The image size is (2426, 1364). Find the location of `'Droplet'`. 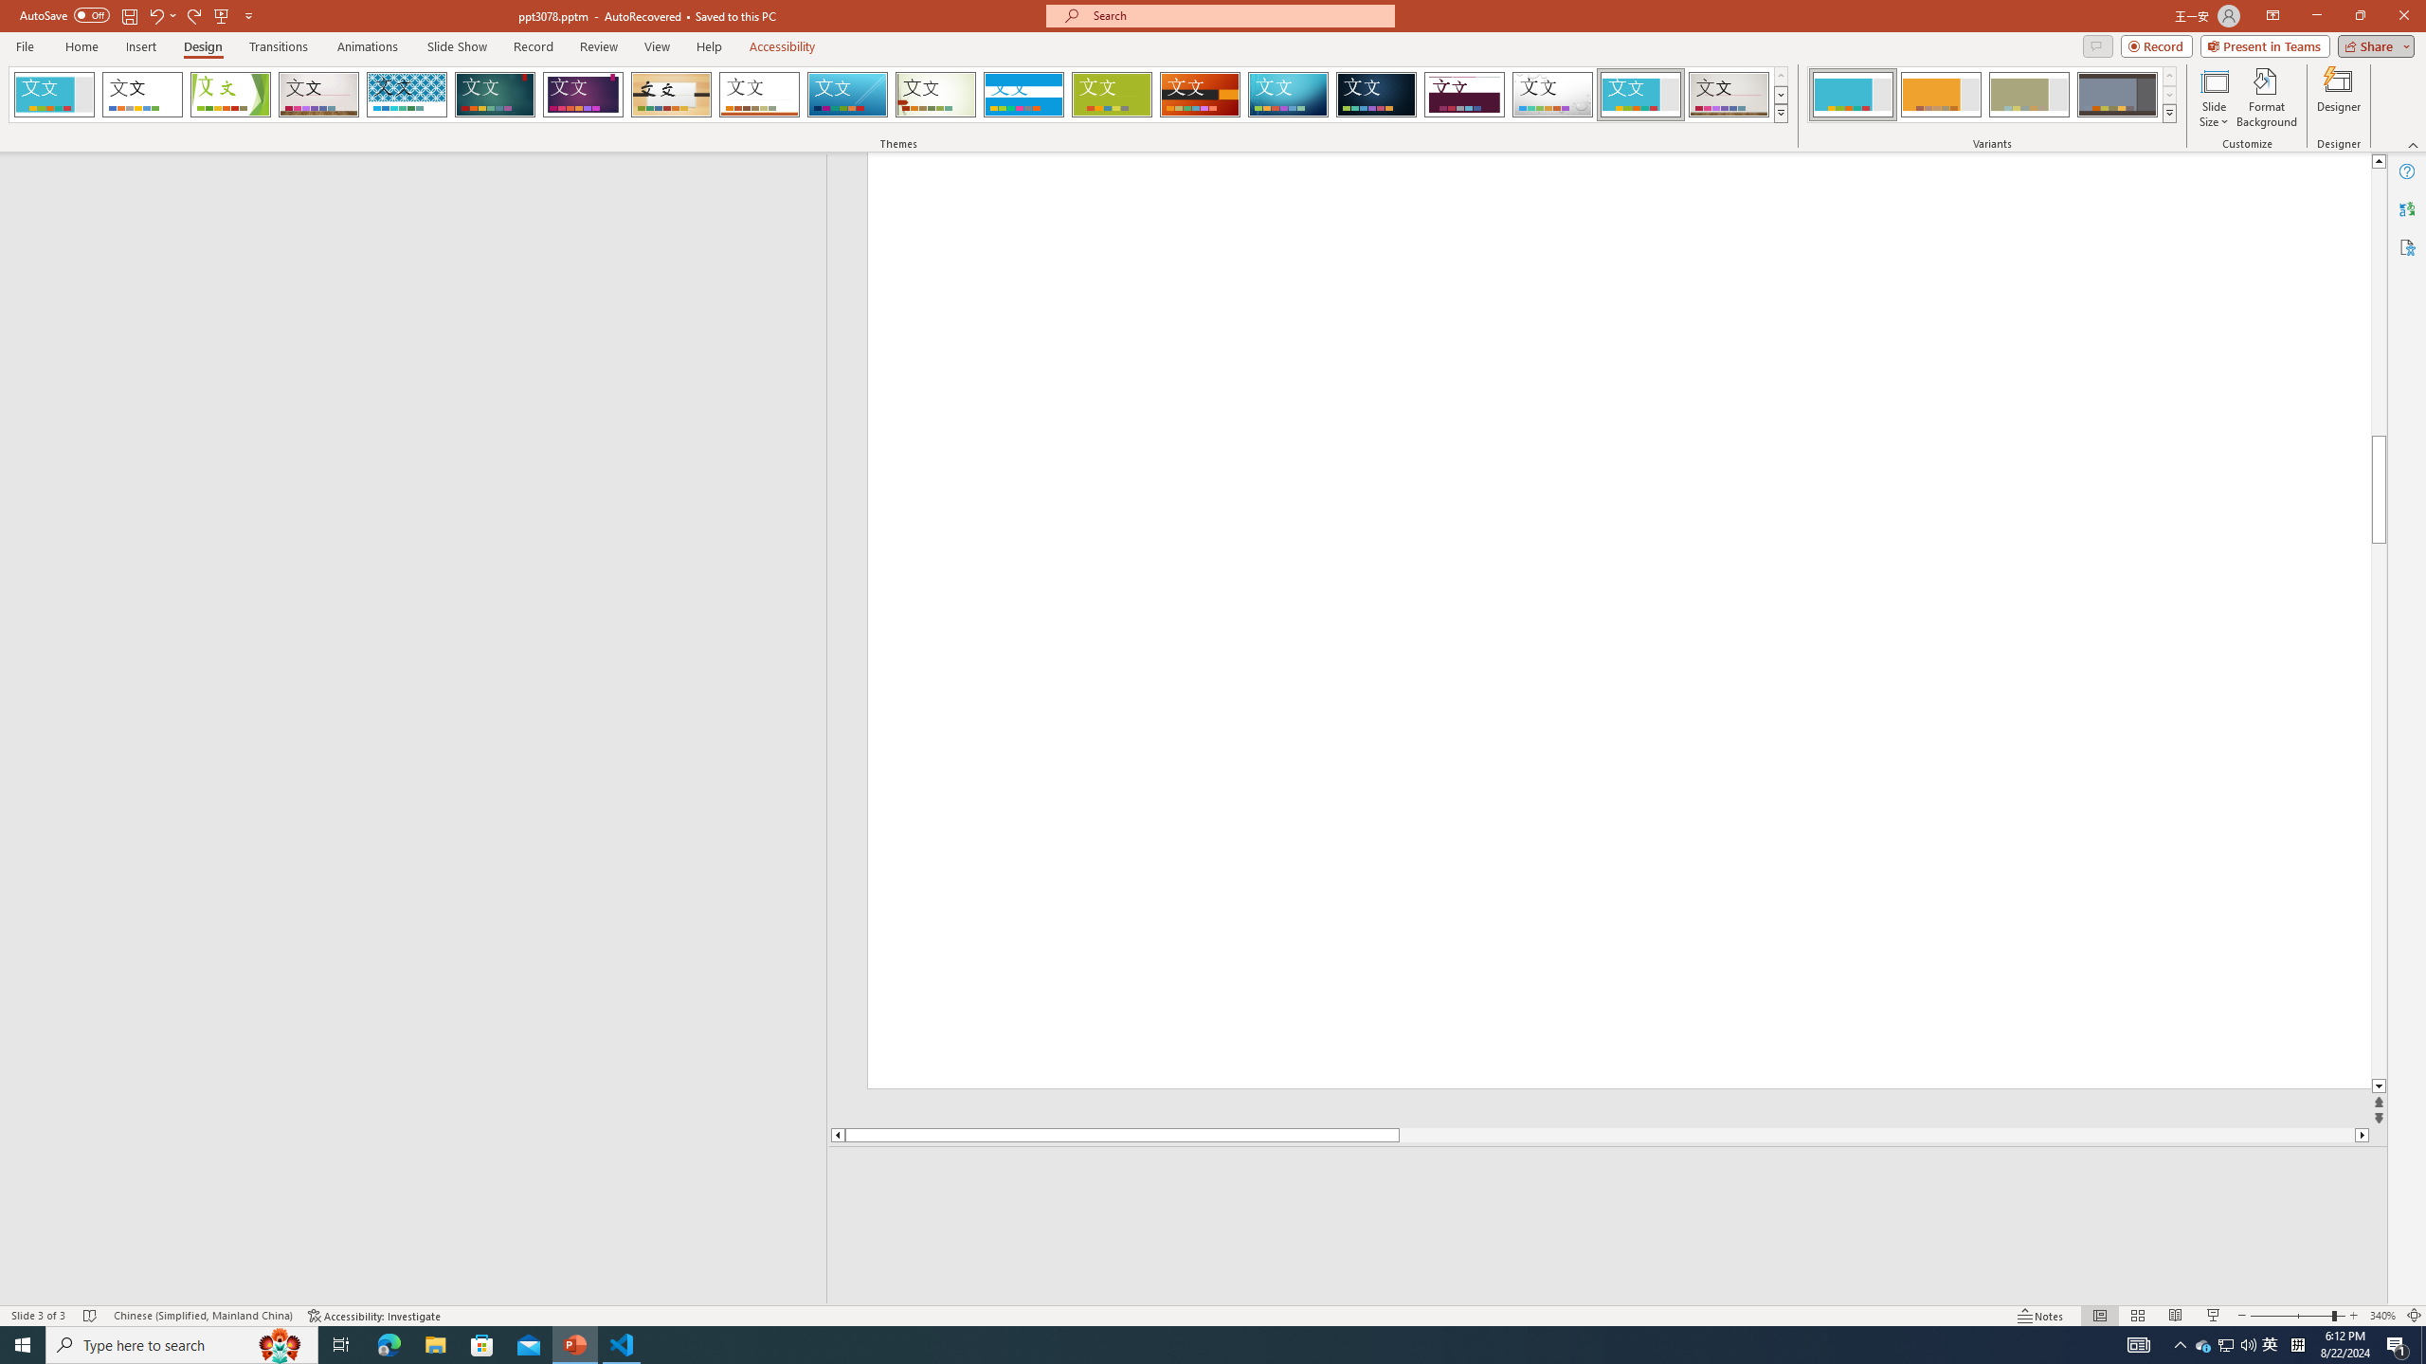

'Droplet' is located at coordinates (1552, 94).